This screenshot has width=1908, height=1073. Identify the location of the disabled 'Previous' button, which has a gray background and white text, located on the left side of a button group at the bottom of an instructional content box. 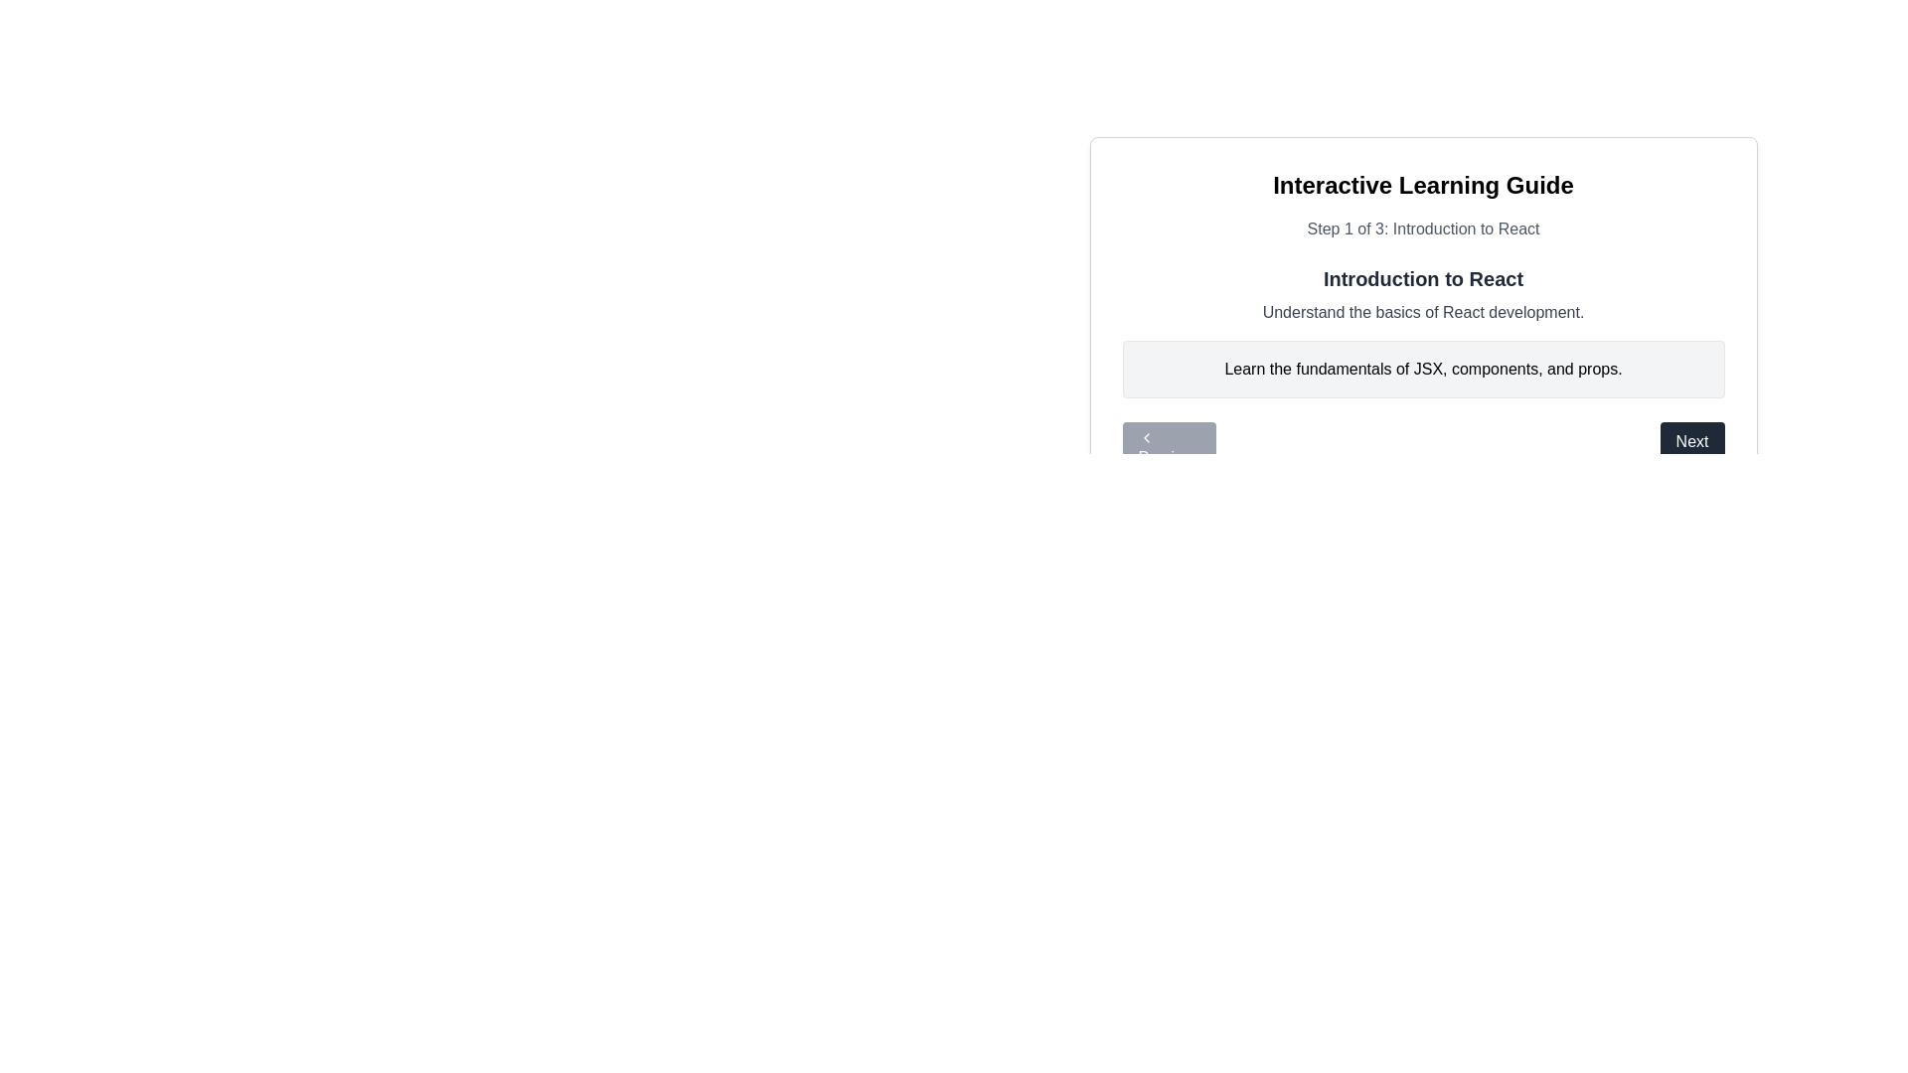
(1169, 449).